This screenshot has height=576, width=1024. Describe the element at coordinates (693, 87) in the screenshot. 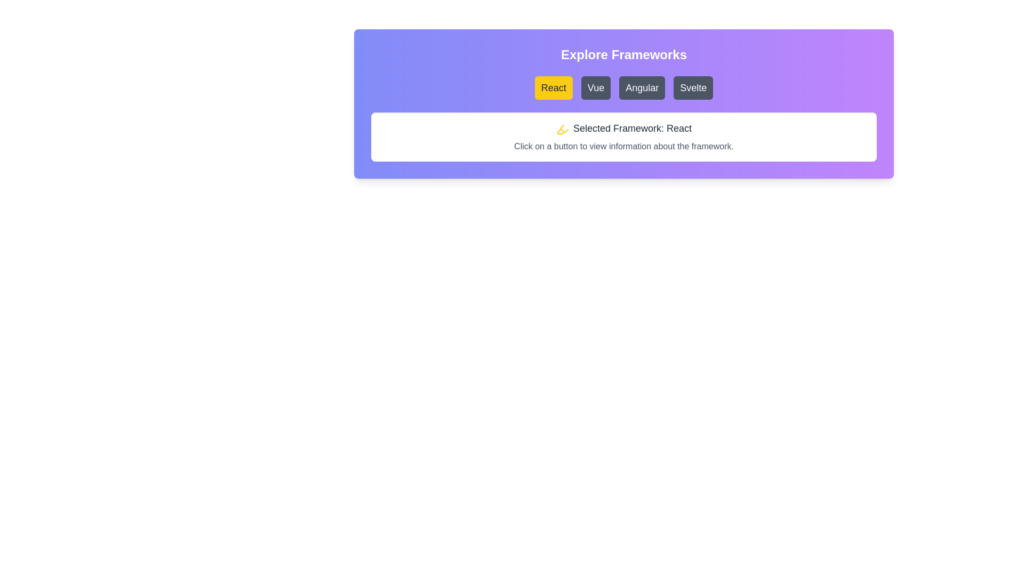

I see `the 'Svelte' button, which is the fourth button in a row of four, featuring a dark gray background and white text` at that location.